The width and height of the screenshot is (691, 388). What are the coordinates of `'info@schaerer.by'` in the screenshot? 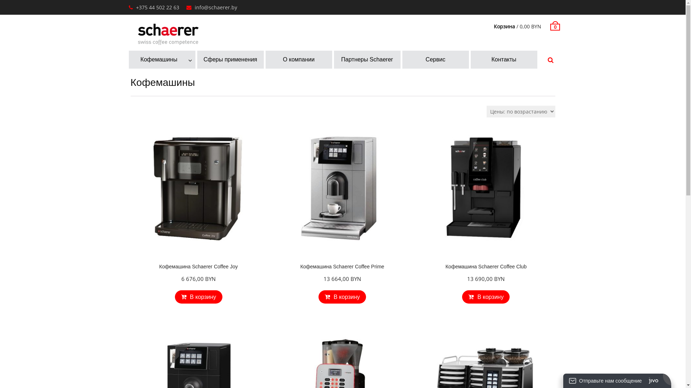 It's located at (194, 7).